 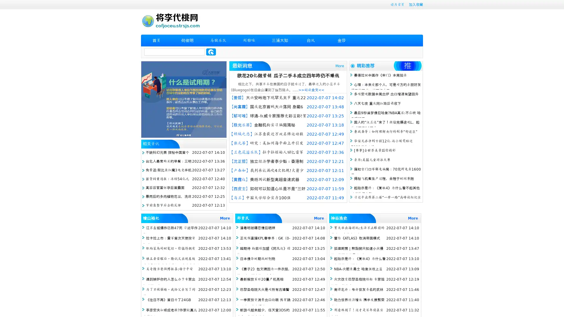 I want to click on Search, so click(x=211, y=52).